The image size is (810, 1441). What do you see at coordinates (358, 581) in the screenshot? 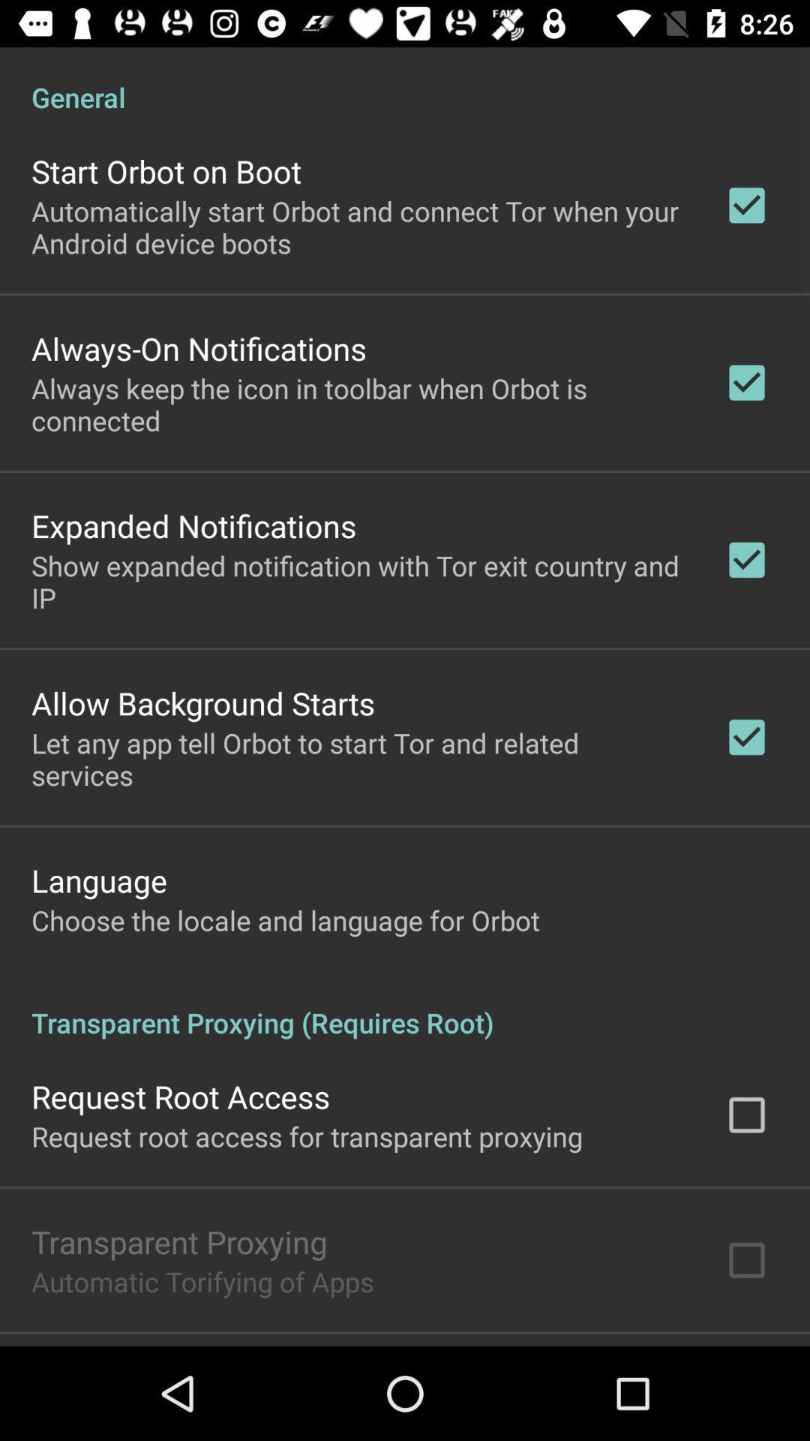
I see `the icon above the allow background starts` at bounding box center [358, 581].